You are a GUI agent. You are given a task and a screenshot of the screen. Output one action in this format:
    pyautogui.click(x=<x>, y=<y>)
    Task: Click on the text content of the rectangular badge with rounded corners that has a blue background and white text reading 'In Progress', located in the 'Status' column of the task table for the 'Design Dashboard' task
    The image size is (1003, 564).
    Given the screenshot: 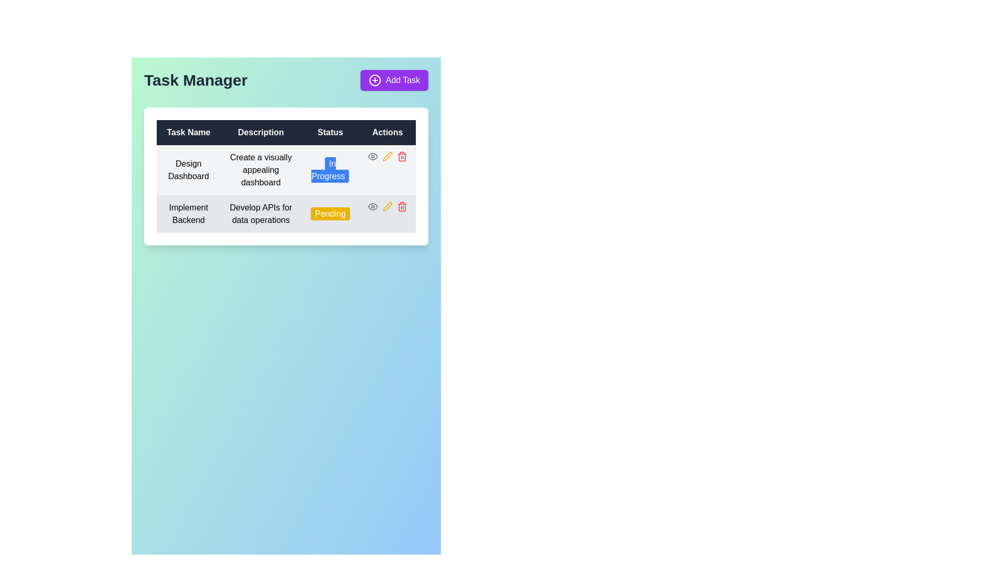 What is the action you would take?
    pyautogui.click(x=330, y=169)
    